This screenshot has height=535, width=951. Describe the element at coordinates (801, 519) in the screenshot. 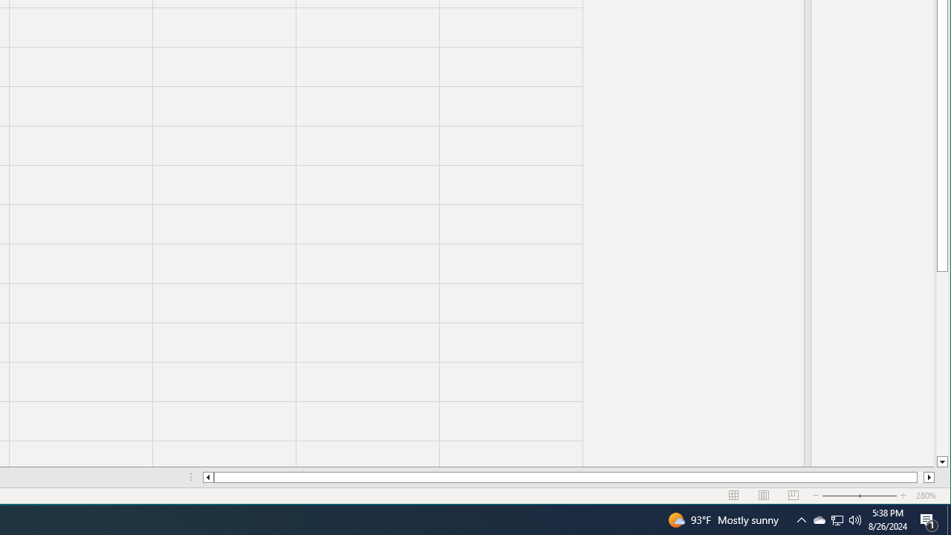

I see `'Notification Chevron'` at that location.